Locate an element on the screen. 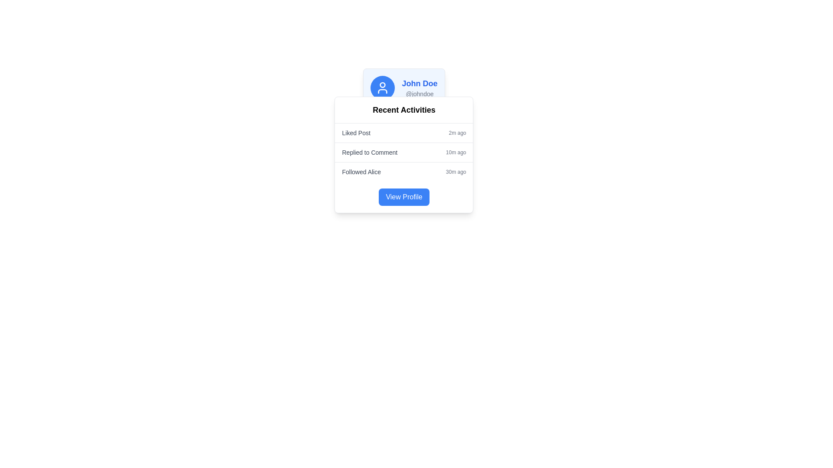 The height and width of the screenshot is (468, 833). the button located at the bottom of the user activity card is located at coordinates (403, 197).